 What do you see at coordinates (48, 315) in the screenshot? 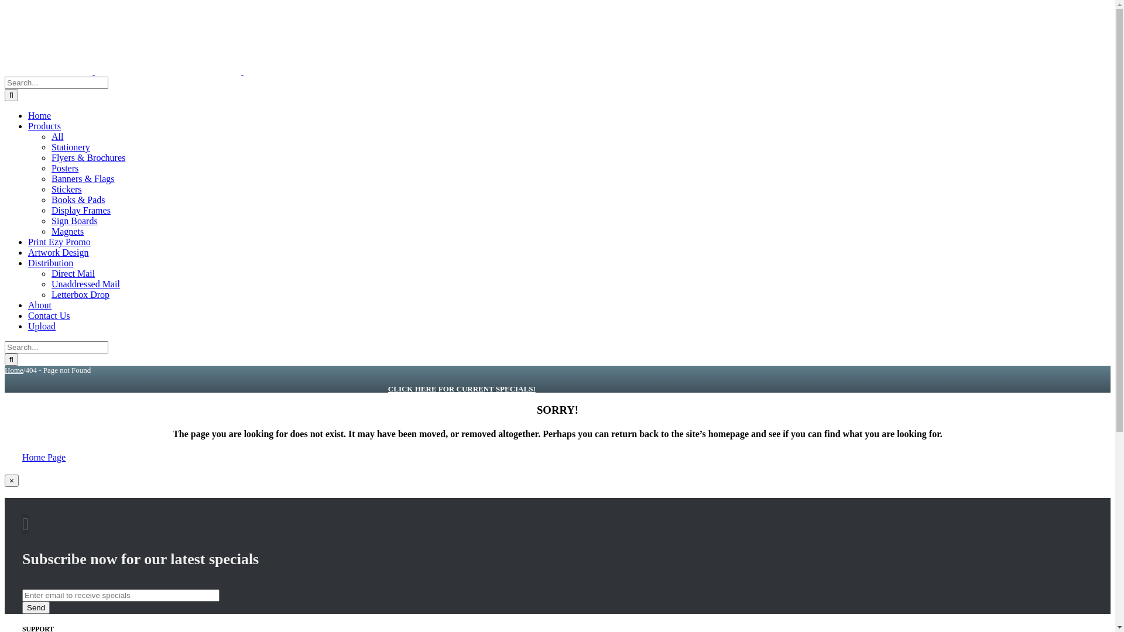
I see `'Contact Us'` at bounding box center [48, 315].